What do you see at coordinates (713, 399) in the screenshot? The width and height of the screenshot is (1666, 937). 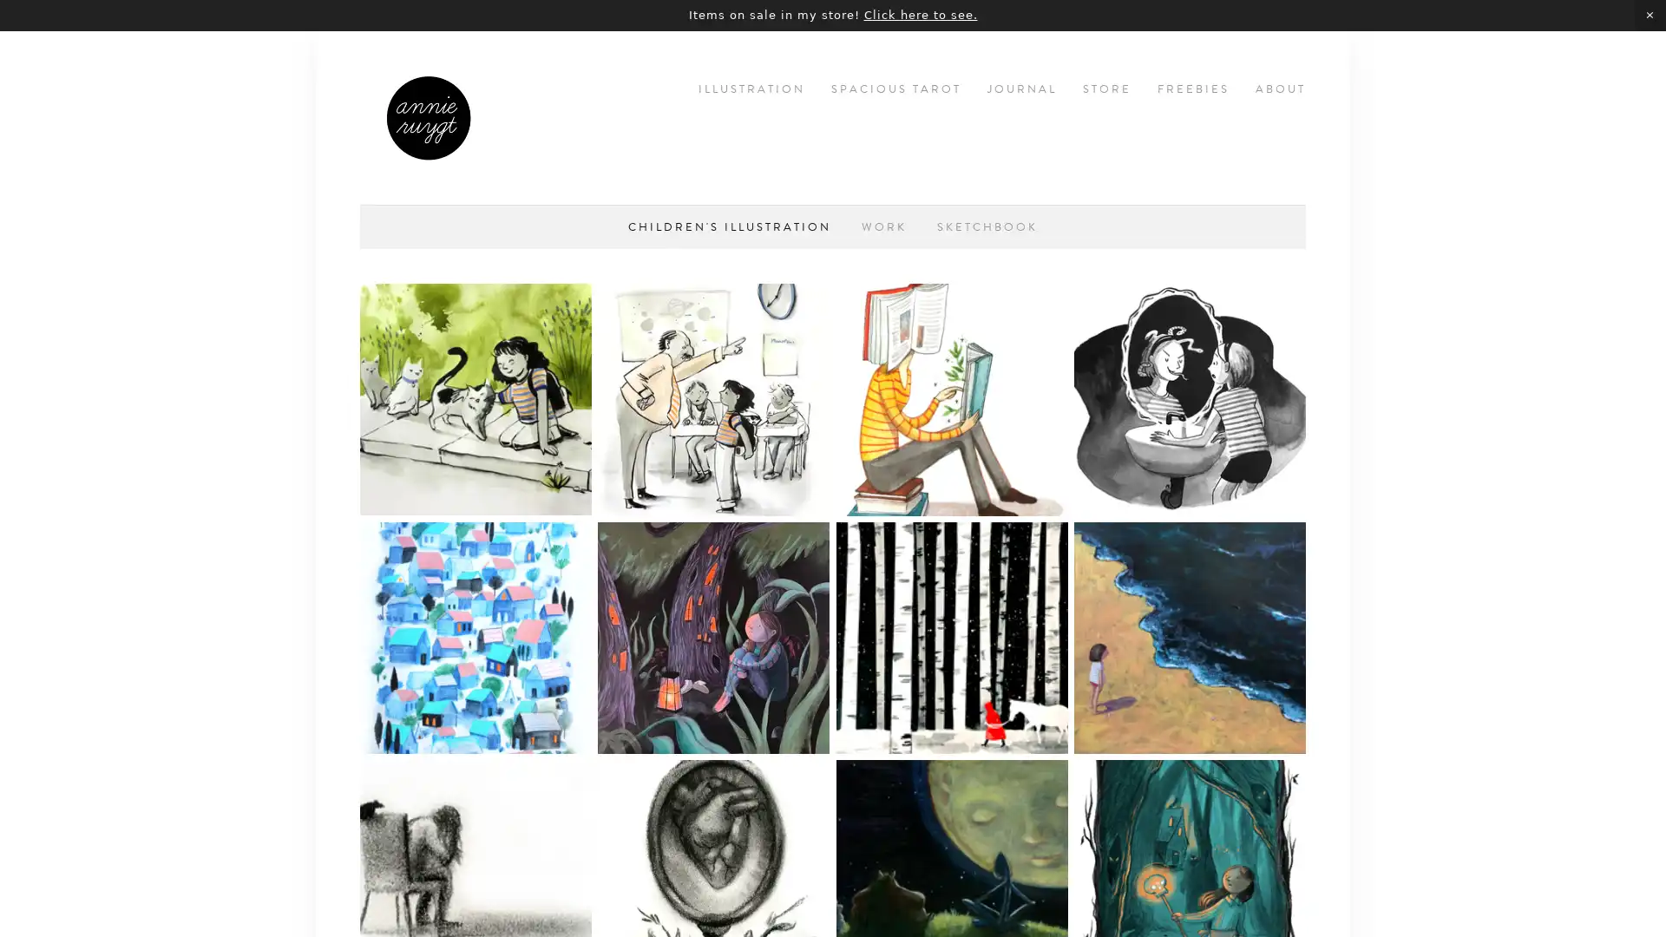 I see `View fullsize cats-at-school.jpg` at bounding box center [713, 399].